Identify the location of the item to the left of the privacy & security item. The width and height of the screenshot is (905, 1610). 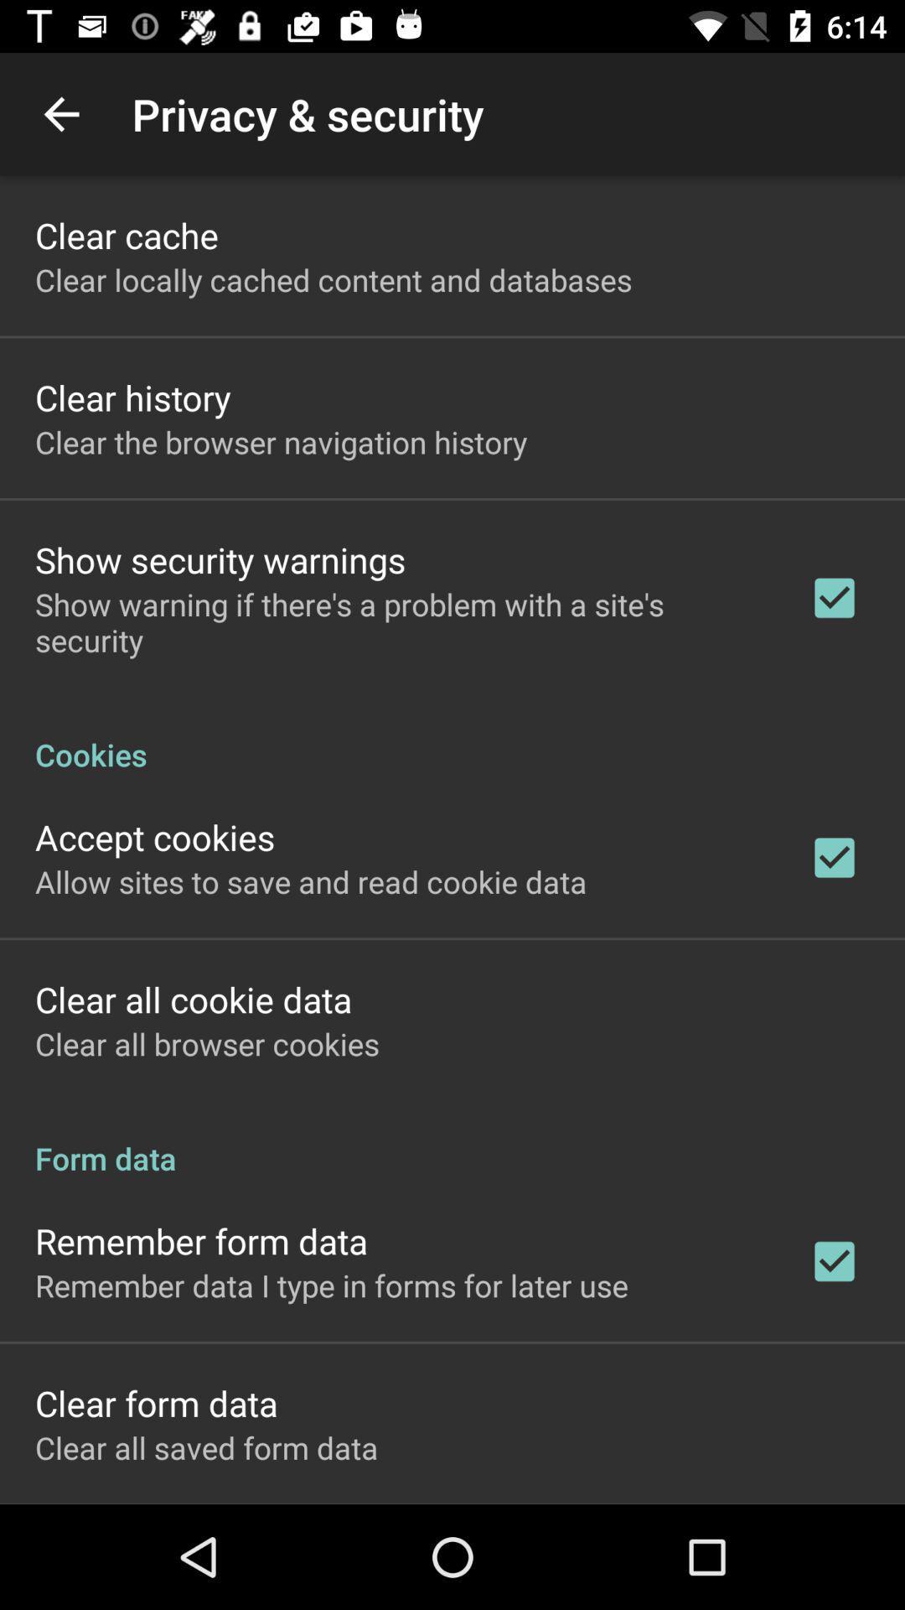
(60, 113).